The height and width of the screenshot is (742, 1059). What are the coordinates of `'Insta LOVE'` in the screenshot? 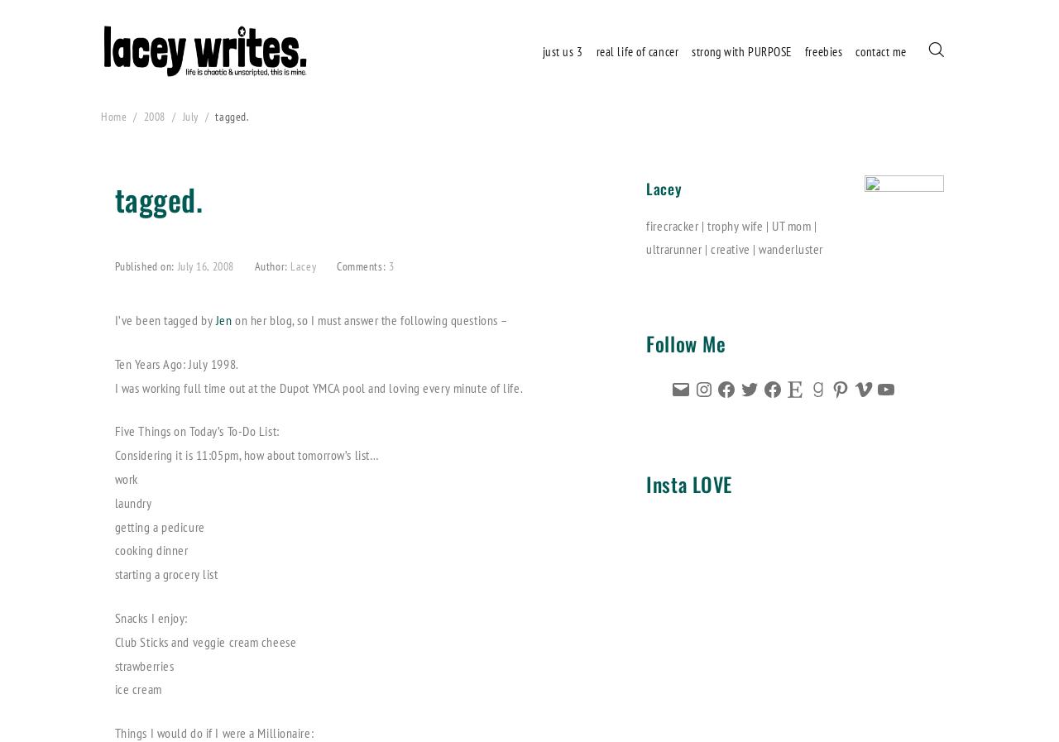 It's located at (688, 483).